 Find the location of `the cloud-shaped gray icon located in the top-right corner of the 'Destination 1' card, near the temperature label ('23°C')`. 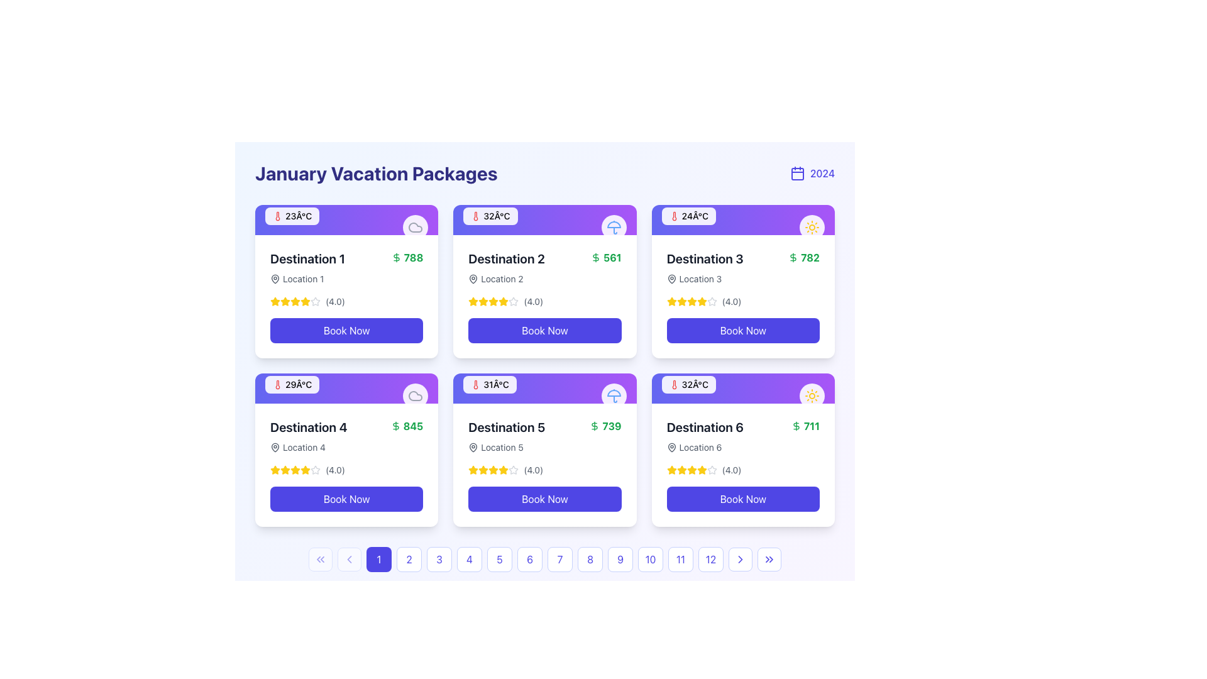

the cloud-shaped gray icon located in the top-right corner of the 'Destination 1' card, near the temperature label ('23°C') is located at coordinates (416, 395).